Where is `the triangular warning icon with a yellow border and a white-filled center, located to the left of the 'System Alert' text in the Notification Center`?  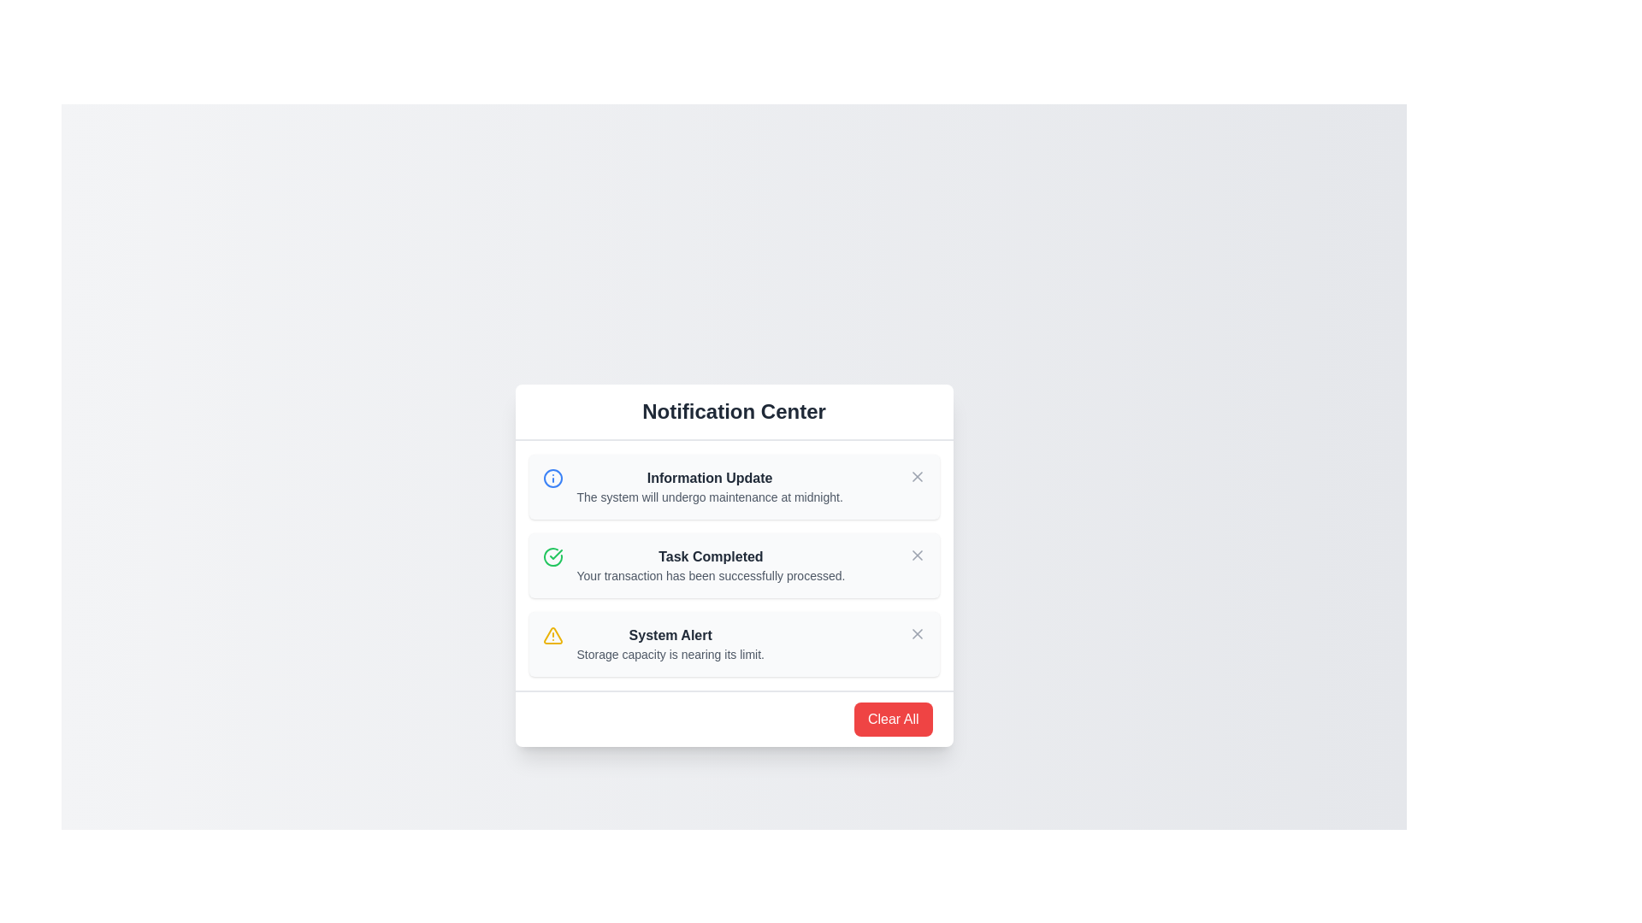
the triangular warning icon with a yellow border and a white-filled center, located to the left of the 'System Alert' text in the Notification Center is located at coordinates (552, 636).